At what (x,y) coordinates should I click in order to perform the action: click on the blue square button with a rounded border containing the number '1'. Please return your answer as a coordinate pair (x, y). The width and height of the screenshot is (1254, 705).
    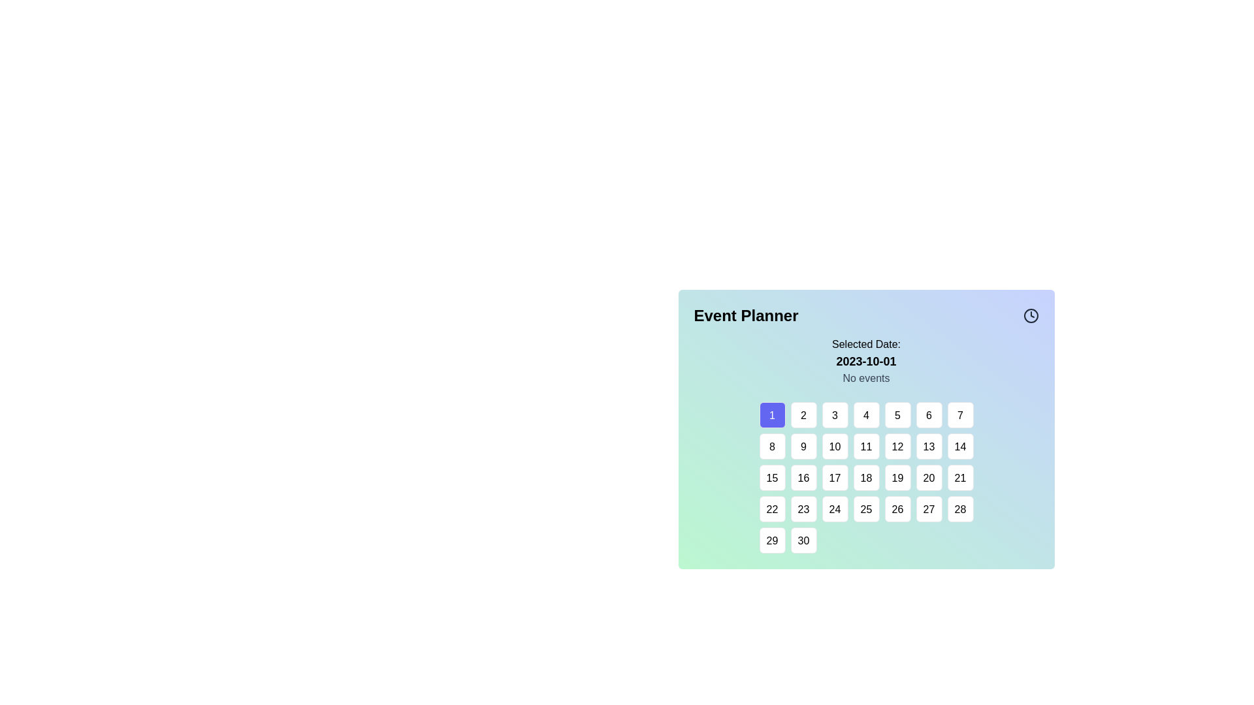
    Looking at the image, I should click on (772, 415).